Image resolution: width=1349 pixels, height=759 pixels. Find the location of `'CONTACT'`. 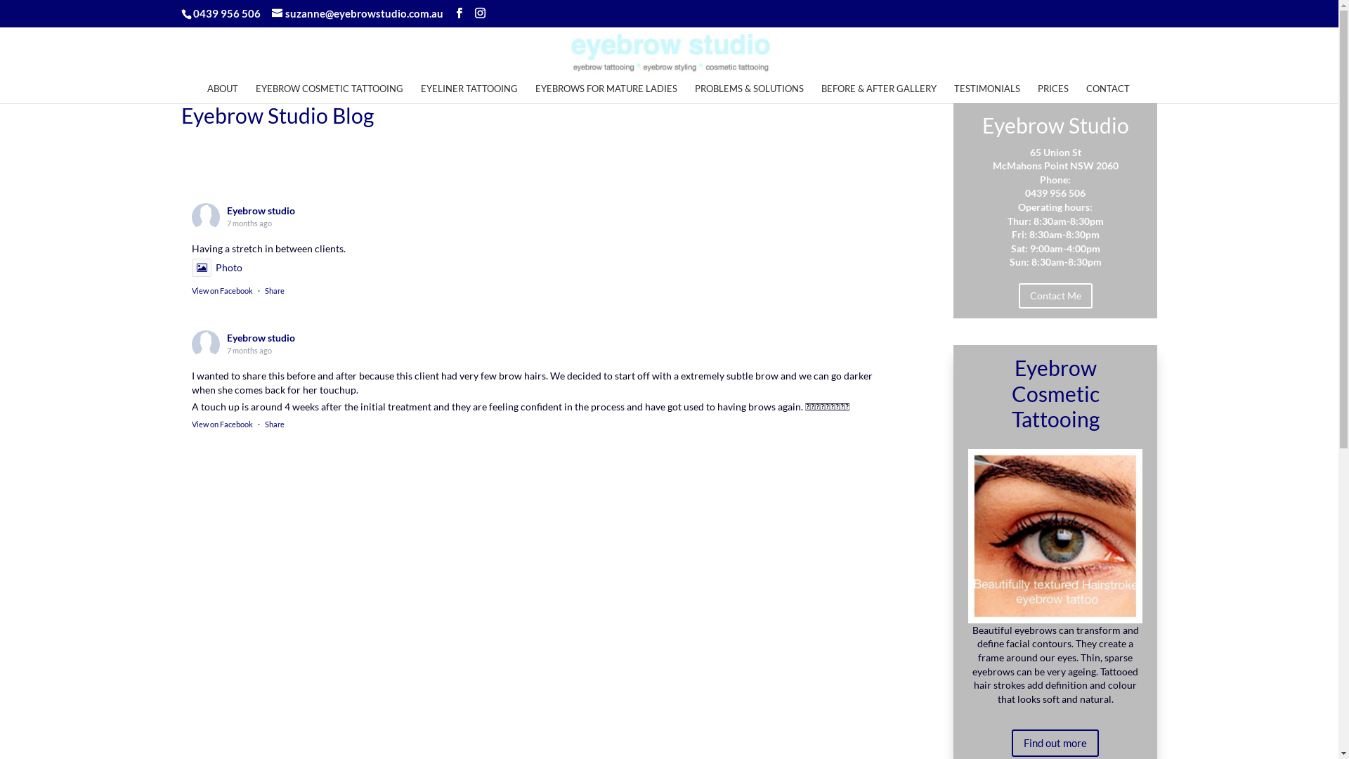

'CONTACT' is located at coordinates (1085, 92).